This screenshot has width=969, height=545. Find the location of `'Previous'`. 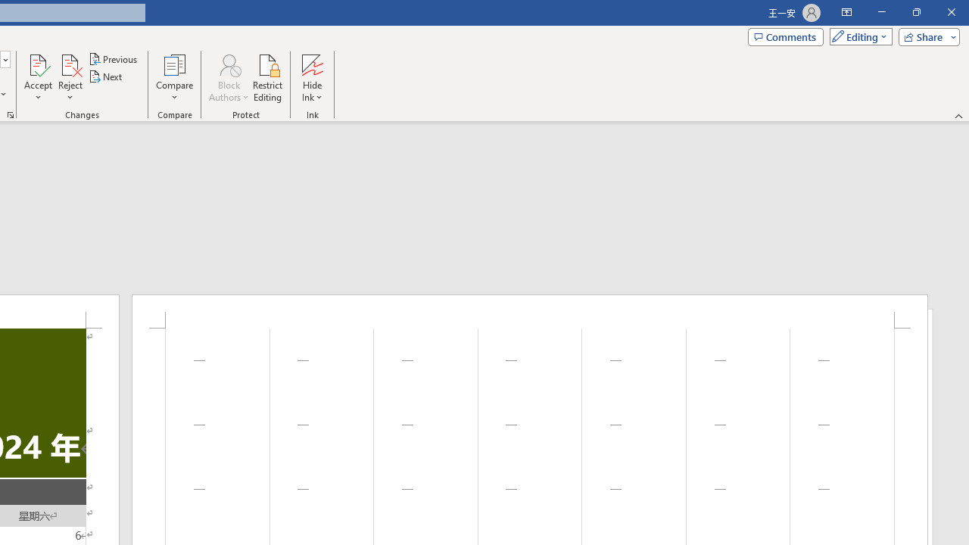

'Previous' is located at coordinates (114, 58).